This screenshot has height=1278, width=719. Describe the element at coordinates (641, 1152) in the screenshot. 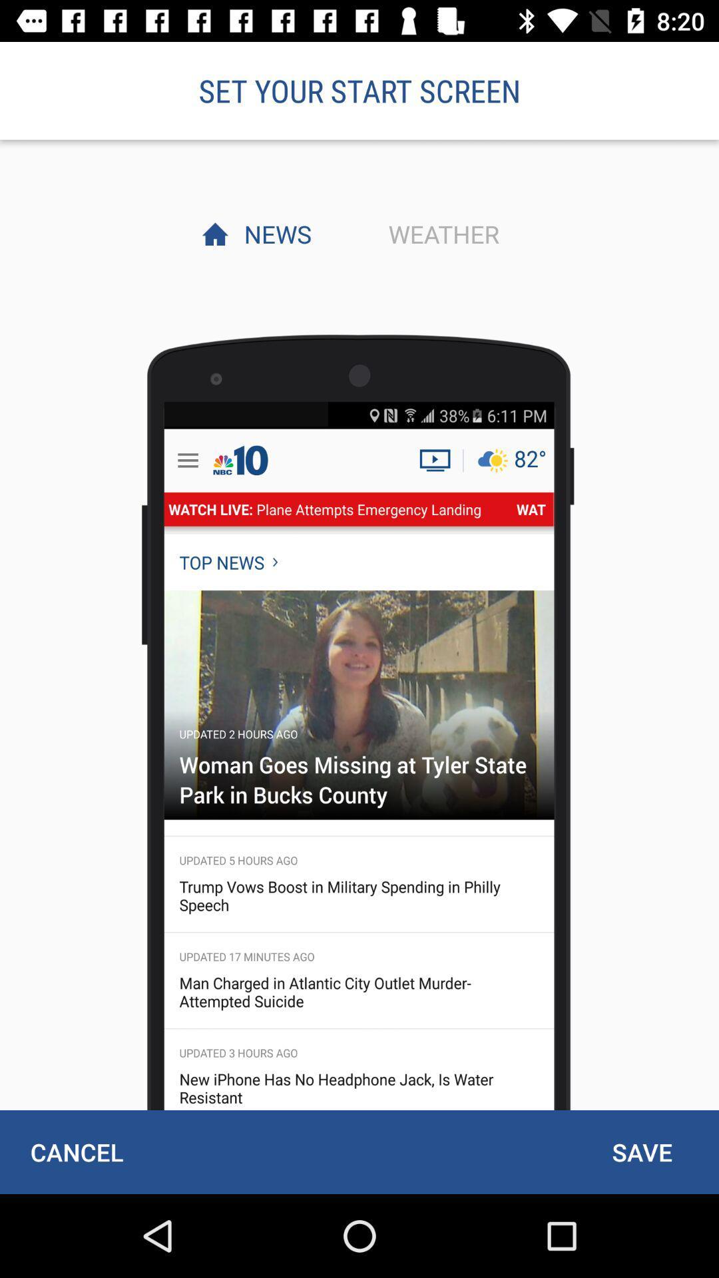

I see `the save at the bottom right corner` at that location.